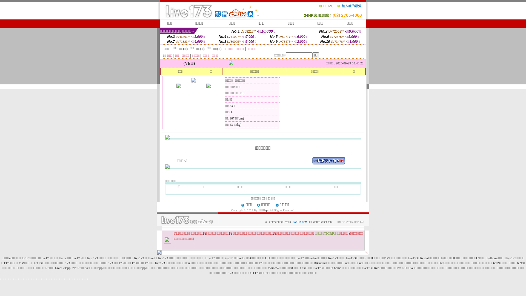 The image size is (526, 296). What do you see at coordinates (18, 278) in the screenshot?
I see `'.'` at bounding box center [18, 278].